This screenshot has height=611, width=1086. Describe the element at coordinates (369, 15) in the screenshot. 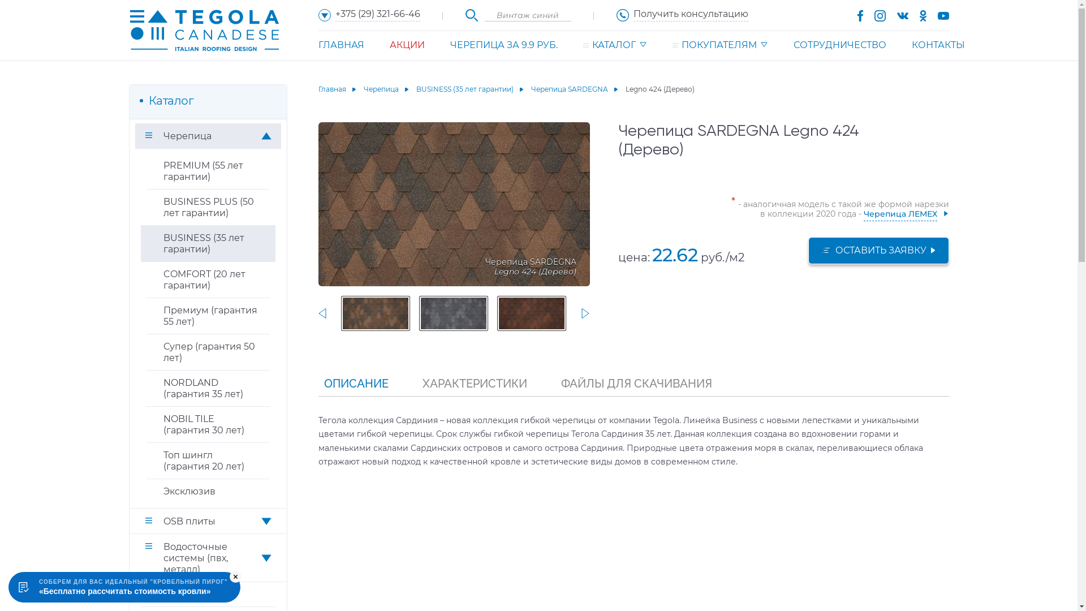

I see `'+375 (29) 321-66-46'` at that location.